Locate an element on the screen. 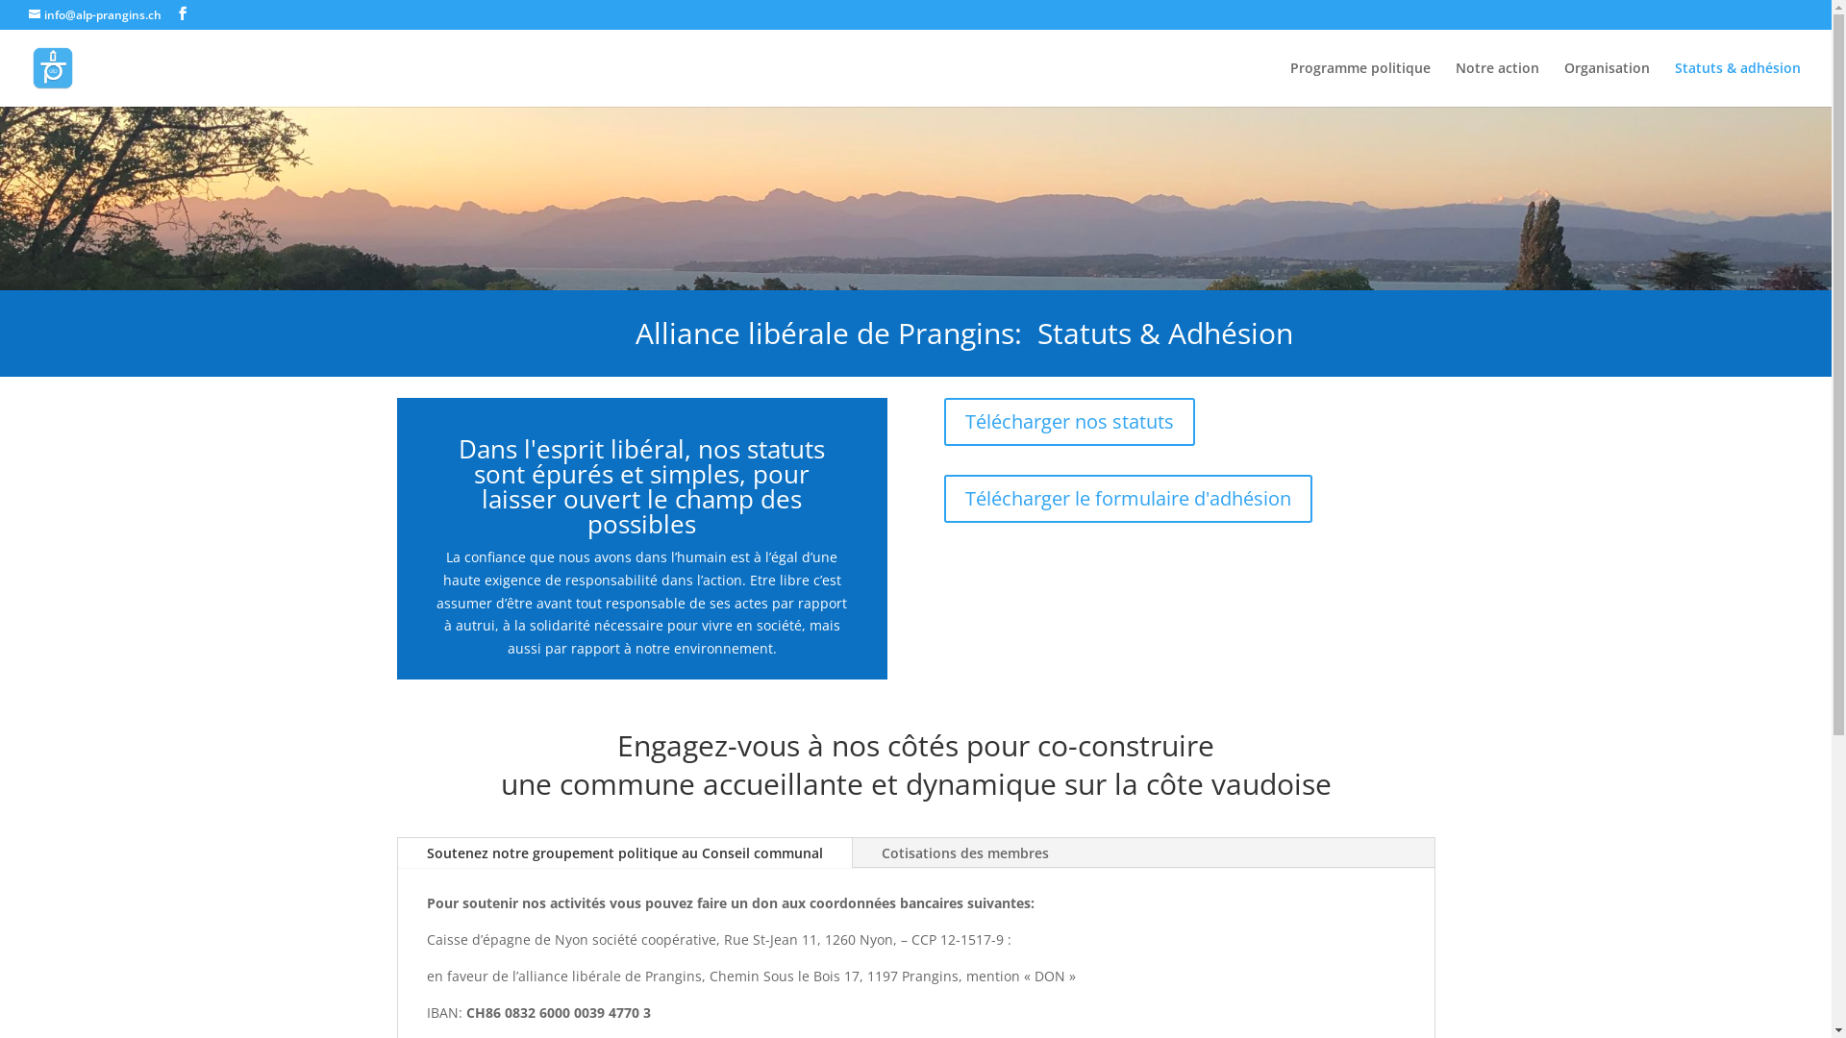 The width and height of the screenshot is (1846, 1038). 'info@alp-prangins.ch' is located at coordinates (94, 14).